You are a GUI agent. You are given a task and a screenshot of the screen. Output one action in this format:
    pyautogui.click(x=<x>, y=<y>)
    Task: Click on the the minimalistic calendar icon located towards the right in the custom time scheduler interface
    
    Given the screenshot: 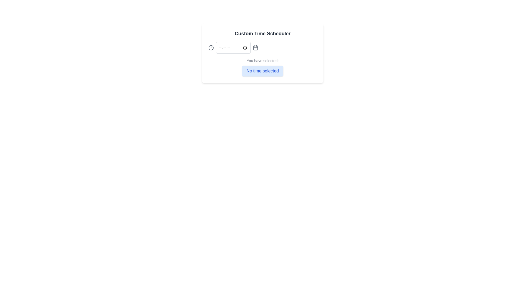 What is the action you would take?
    pyautogui.click(x=255, y=47)
    